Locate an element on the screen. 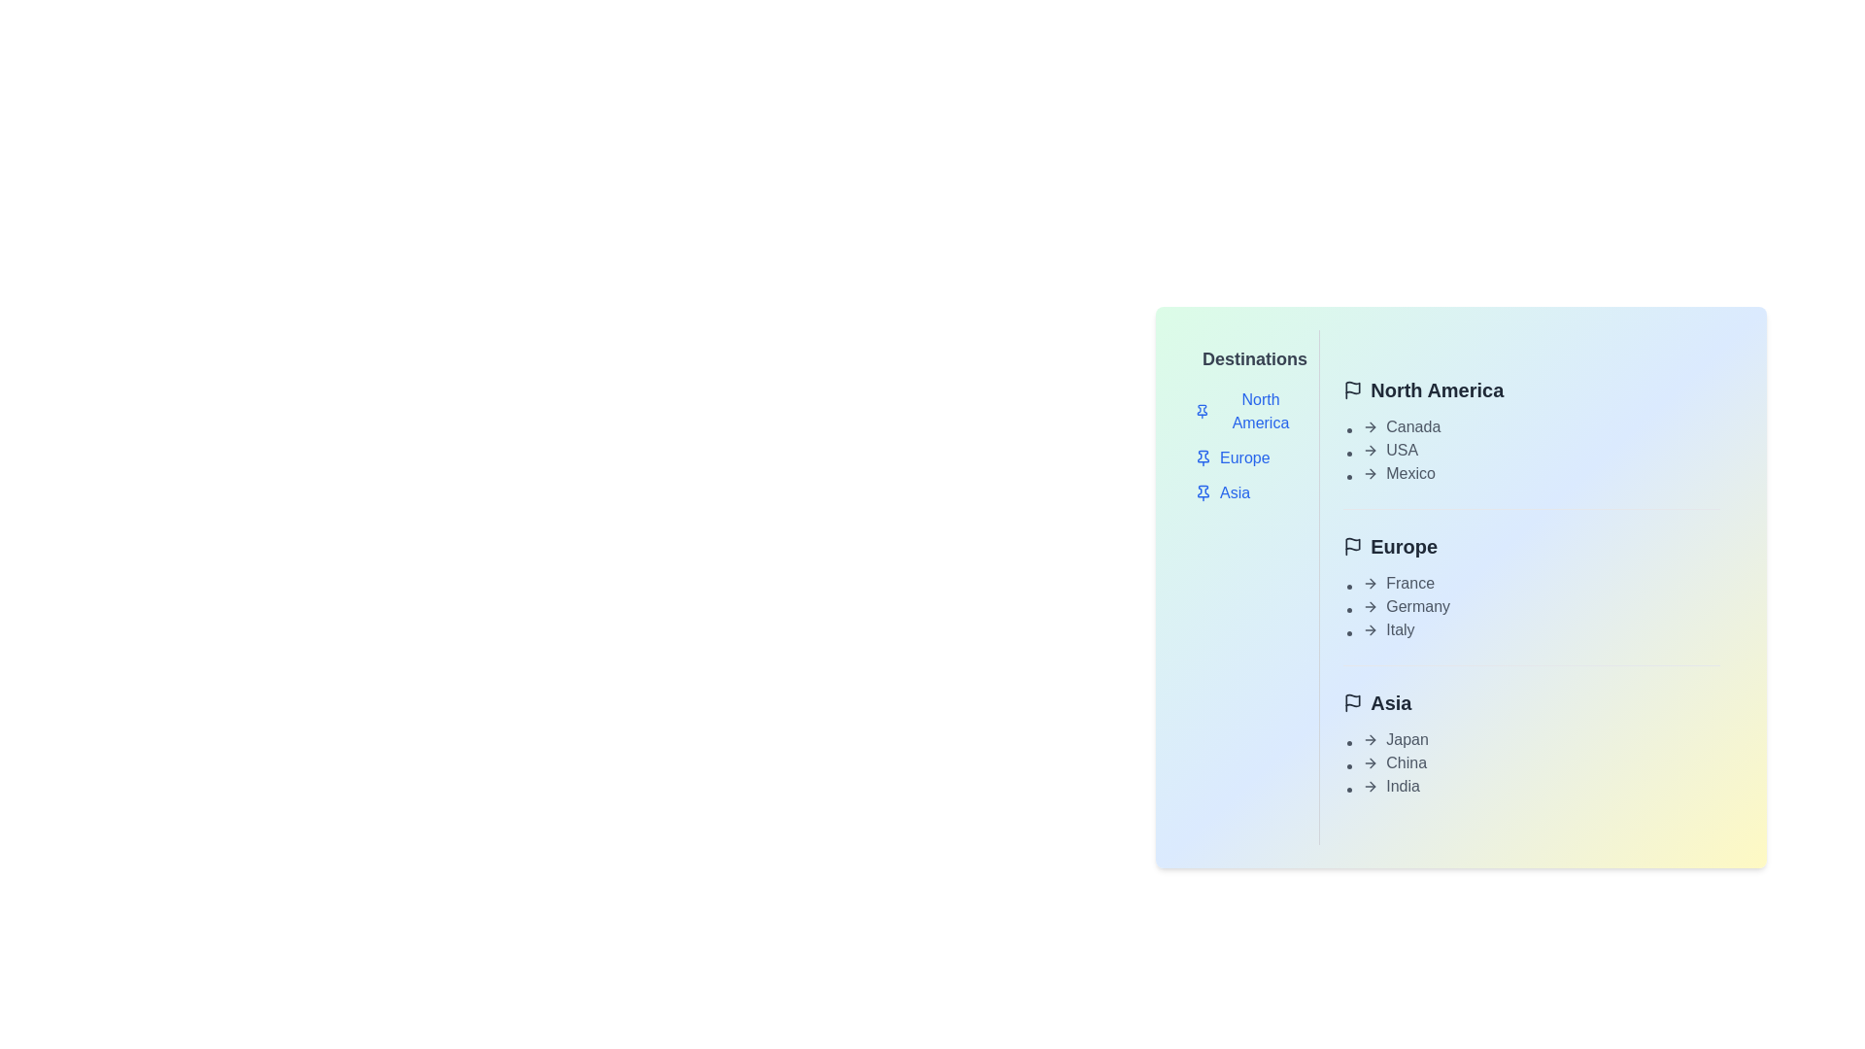 The width and height of the screenshot is (1865, 1049). the bulleted list item in the 'North America' section that displays the countries Canada, USA, and Mexico is located at coordinates (1531, 450).